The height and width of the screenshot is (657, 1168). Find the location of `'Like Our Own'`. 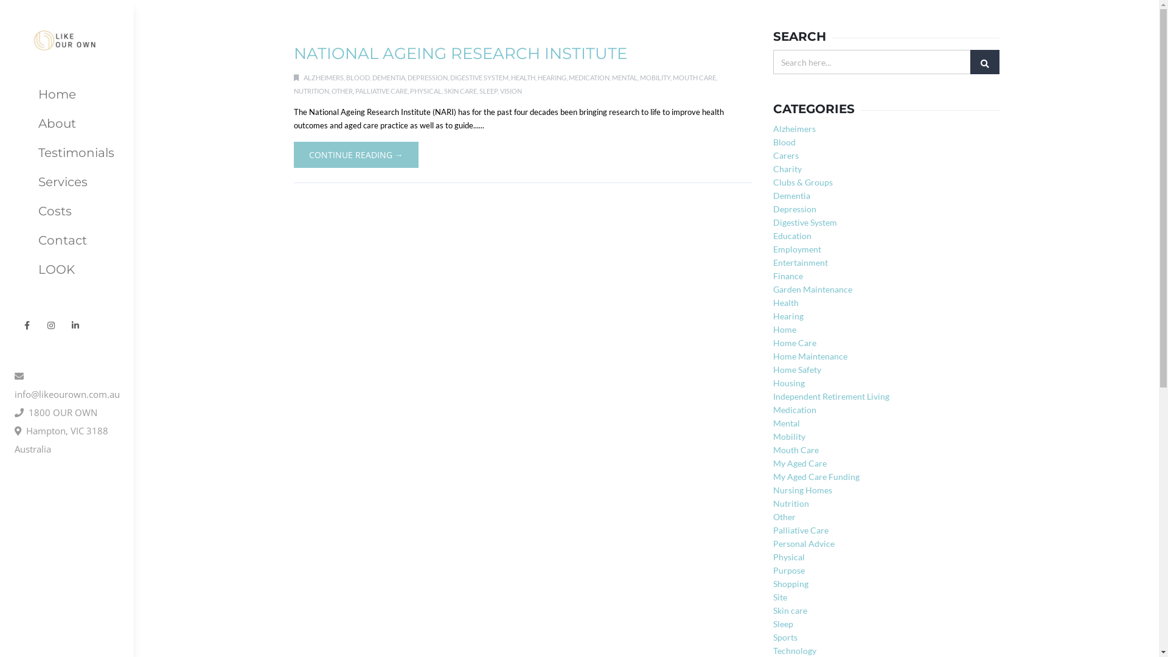

'Like Our Own' is located at coordinates (66, 25).